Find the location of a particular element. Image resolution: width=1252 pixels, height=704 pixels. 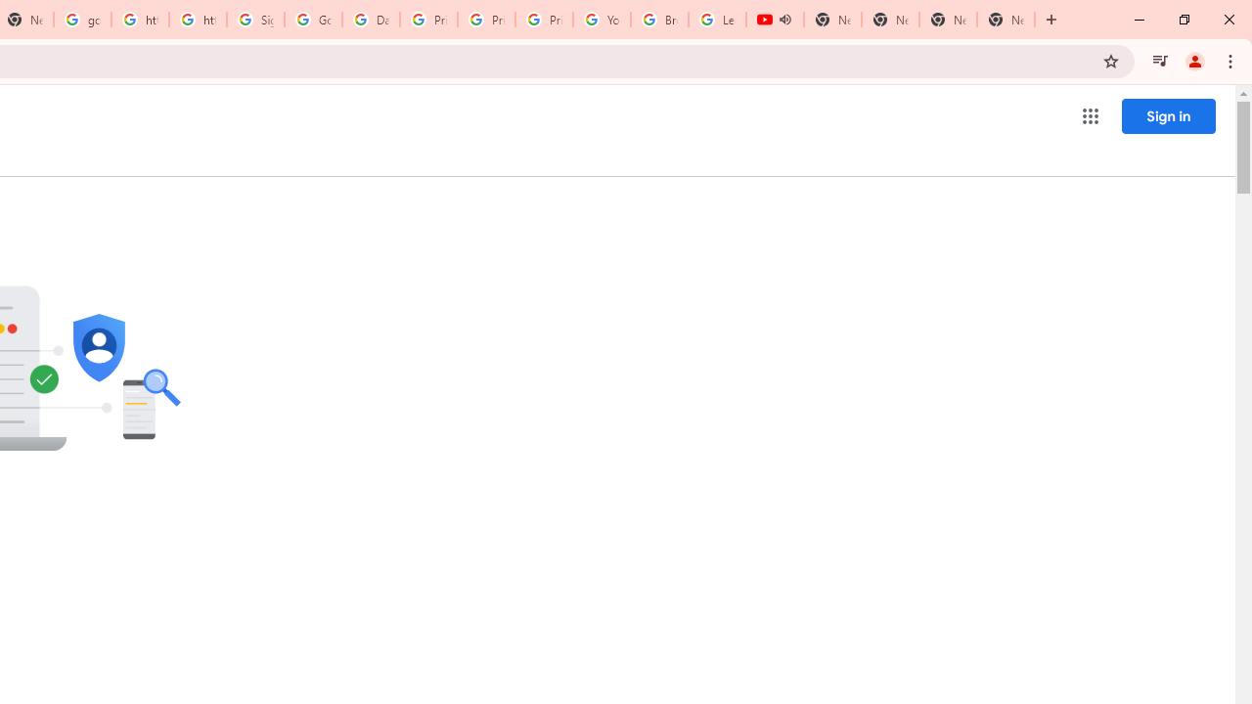

'YouTube' is located at coordinates (601, 20).